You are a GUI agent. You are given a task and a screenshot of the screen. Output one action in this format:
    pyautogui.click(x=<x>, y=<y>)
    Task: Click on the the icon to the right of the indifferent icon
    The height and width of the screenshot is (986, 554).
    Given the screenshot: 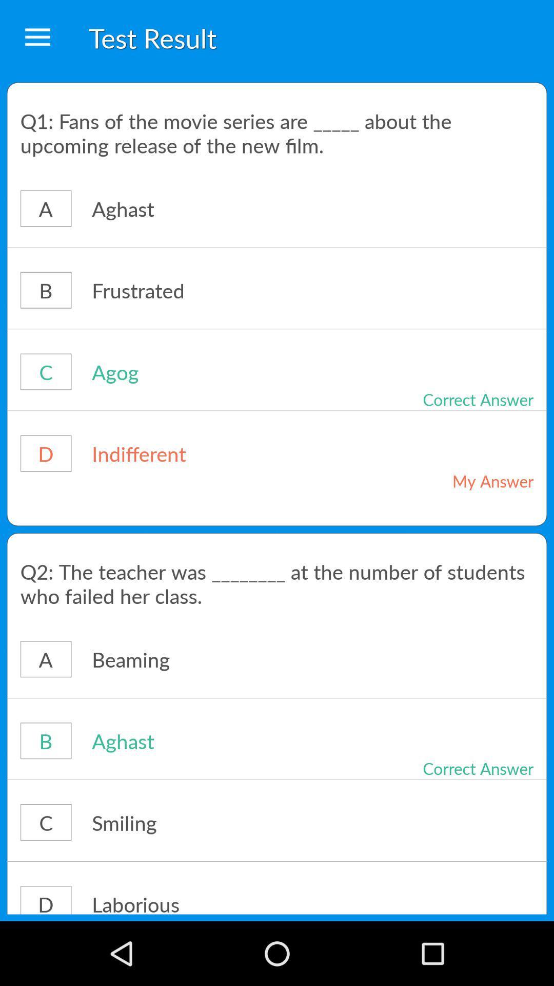 What is the action you would take?
    pyautogui.click(x=456, y=480)
    